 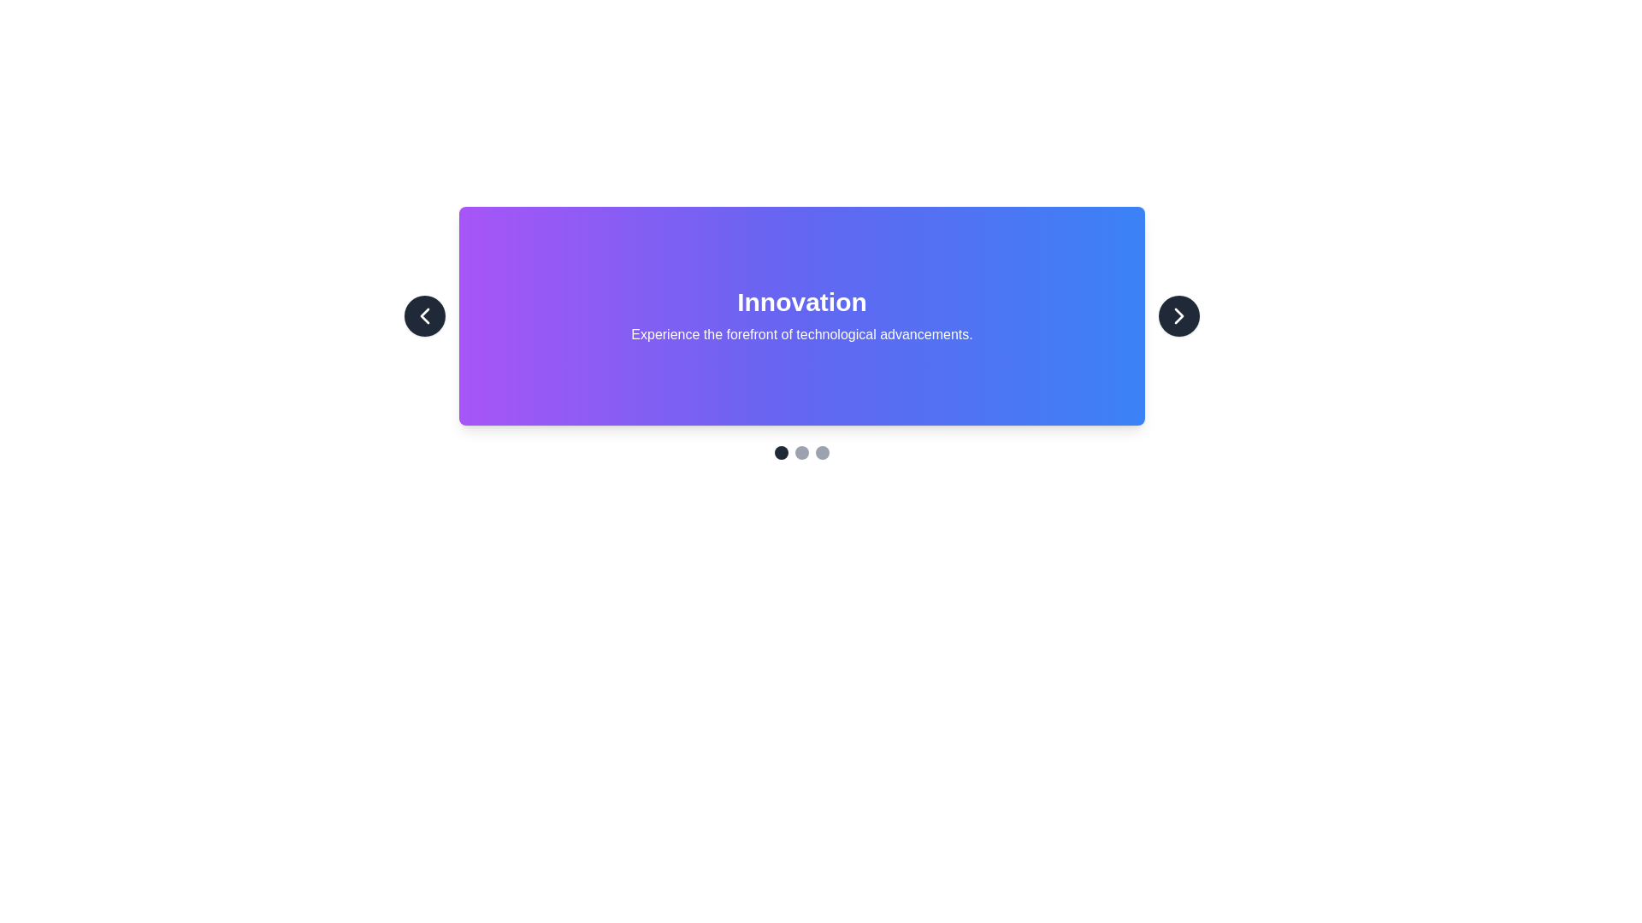 What do you see at coordinates (1178, 316) in the screenshot?
I see `the right-pointing chevron icon within the circular button for navigation` at bounding box center [1178, 316].